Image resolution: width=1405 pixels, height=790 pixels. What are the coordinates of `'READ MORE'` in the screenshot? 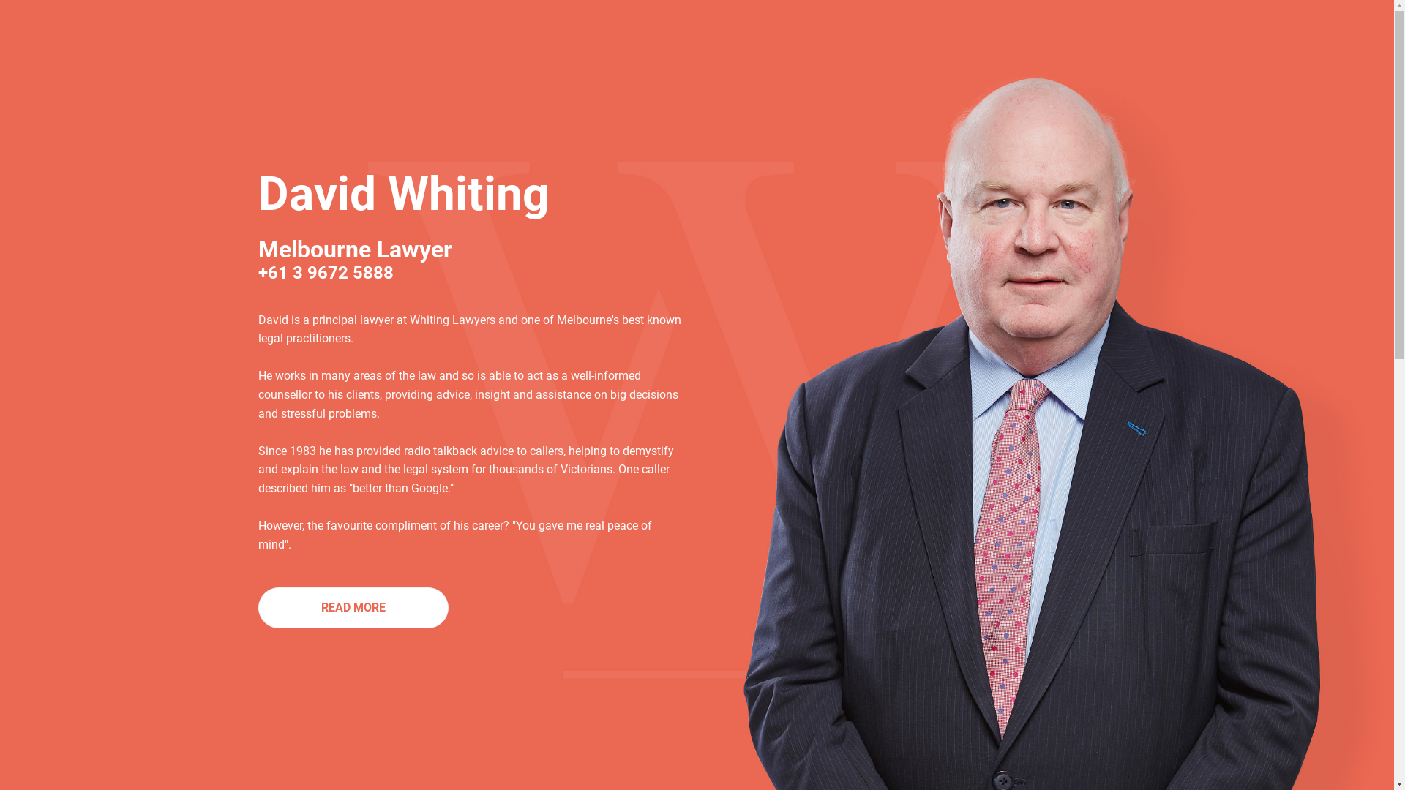 It's located at (352, 607).